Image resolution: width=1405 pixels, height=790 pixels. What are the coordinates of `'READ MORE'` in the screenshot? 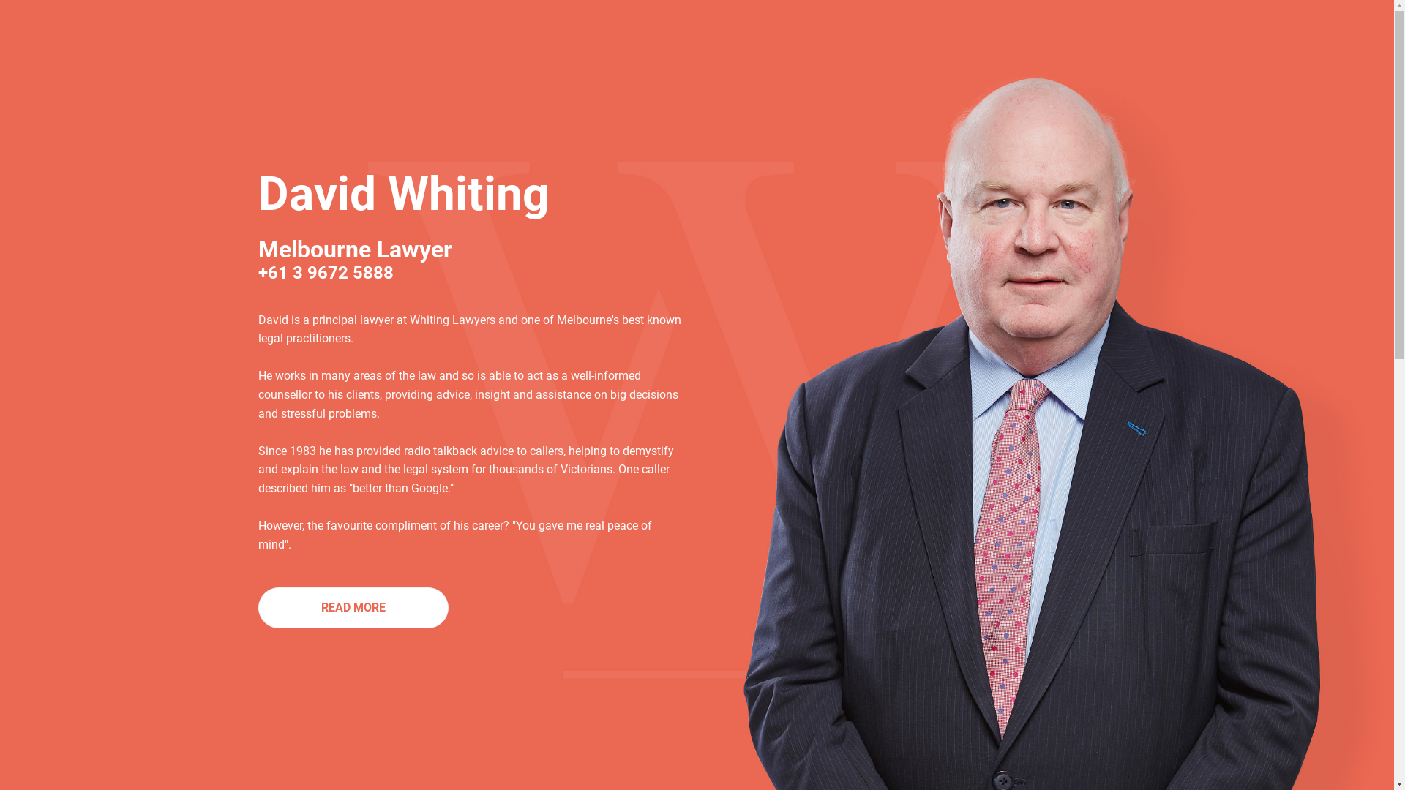 It's located at (352, 607).